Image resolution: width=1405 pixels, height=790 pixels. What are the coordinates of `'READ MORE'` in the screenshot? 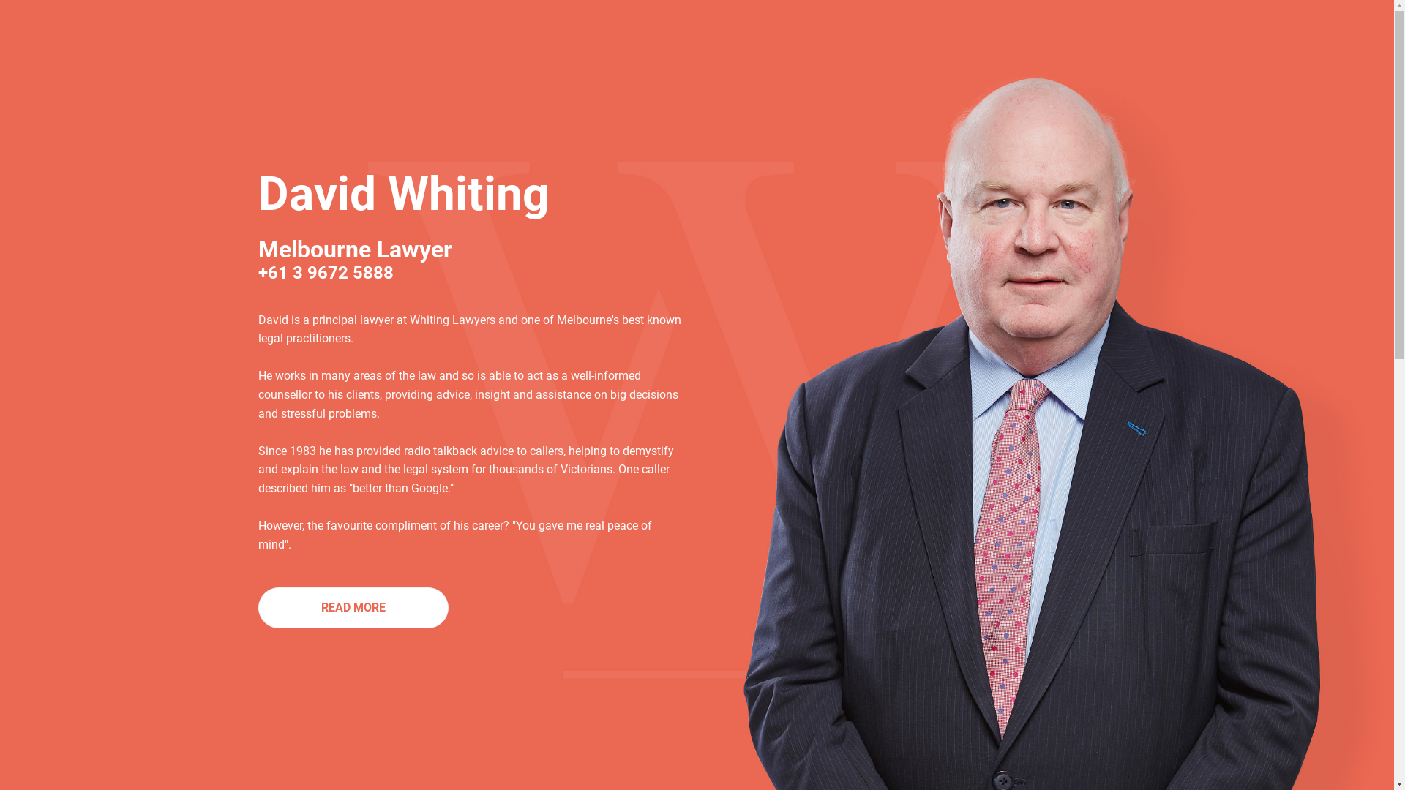 It's located at (352, 607).